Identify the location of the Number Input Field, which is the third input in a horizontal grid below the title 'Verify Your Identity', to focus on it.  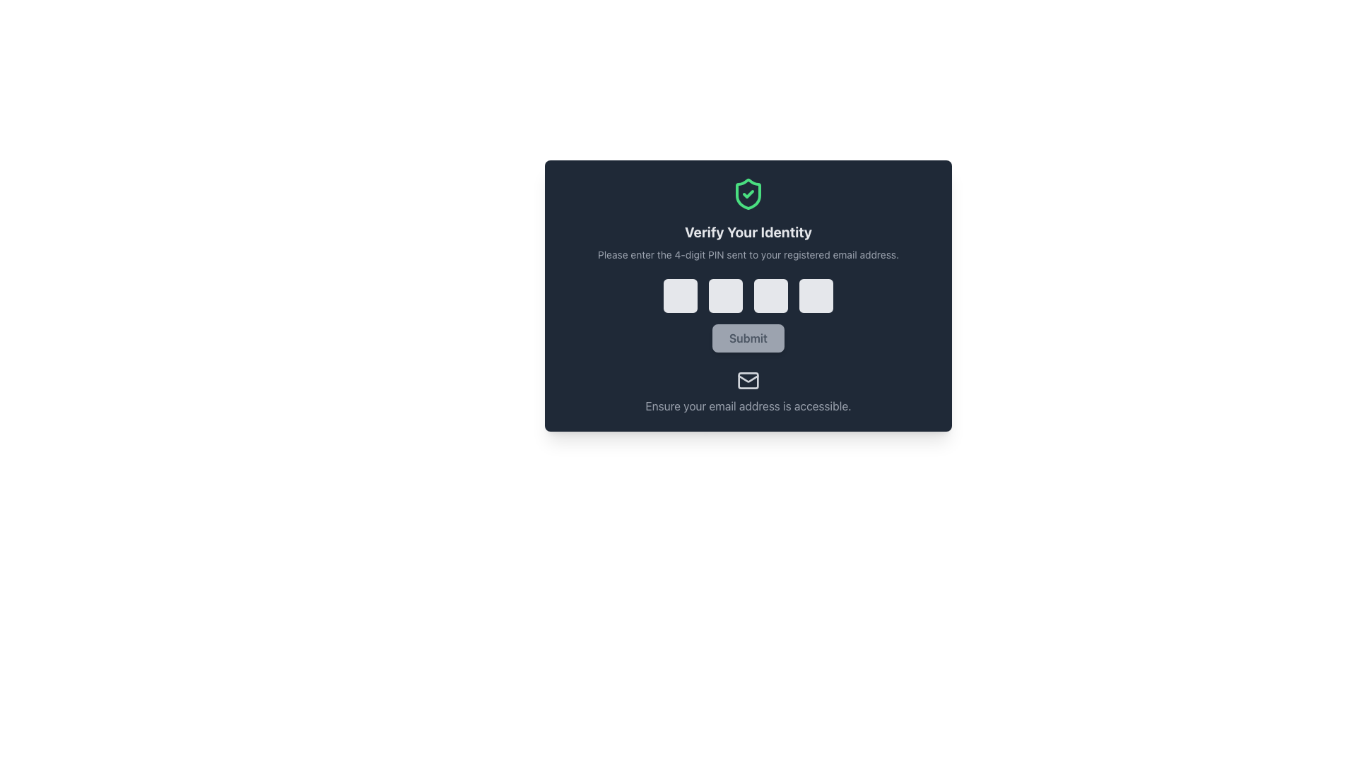
(770, 295).